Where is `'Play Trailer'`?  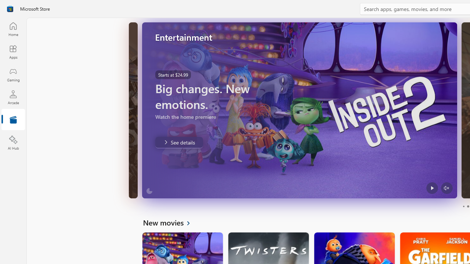
'Play Trailer' is located at coordinates (431, 188).